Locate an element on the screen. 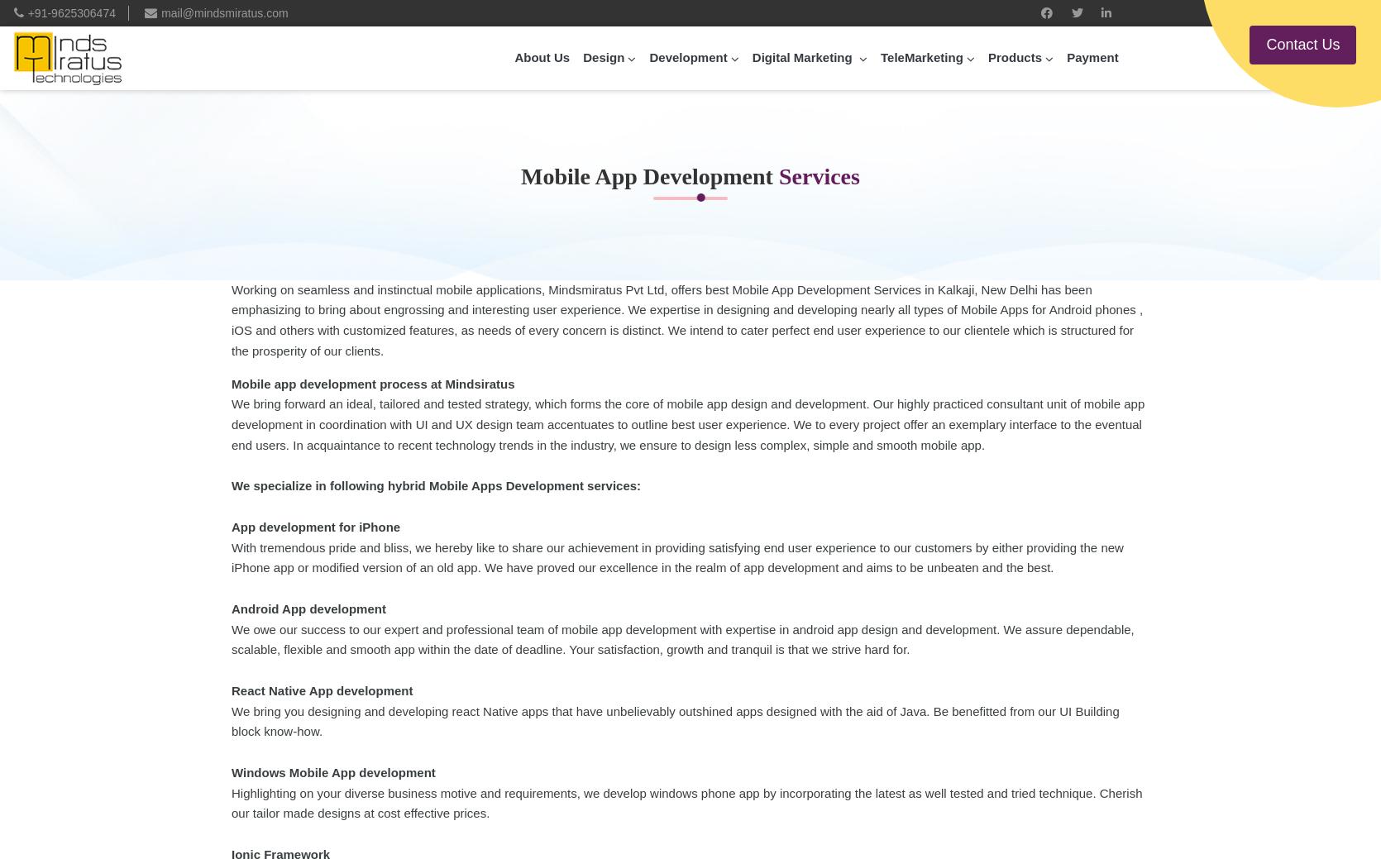 The height and width of the screenshot is (859, 1381). 'With tremendous pride and bliss, we hereby like to share our achievement in providing satisfying end user experience to our customers by either providing the new iPhone app or modified version of an old app. We have proved our excellence in the realm of app development and aims to be unbeaten and the best.' is located at coordinates (676, 556).